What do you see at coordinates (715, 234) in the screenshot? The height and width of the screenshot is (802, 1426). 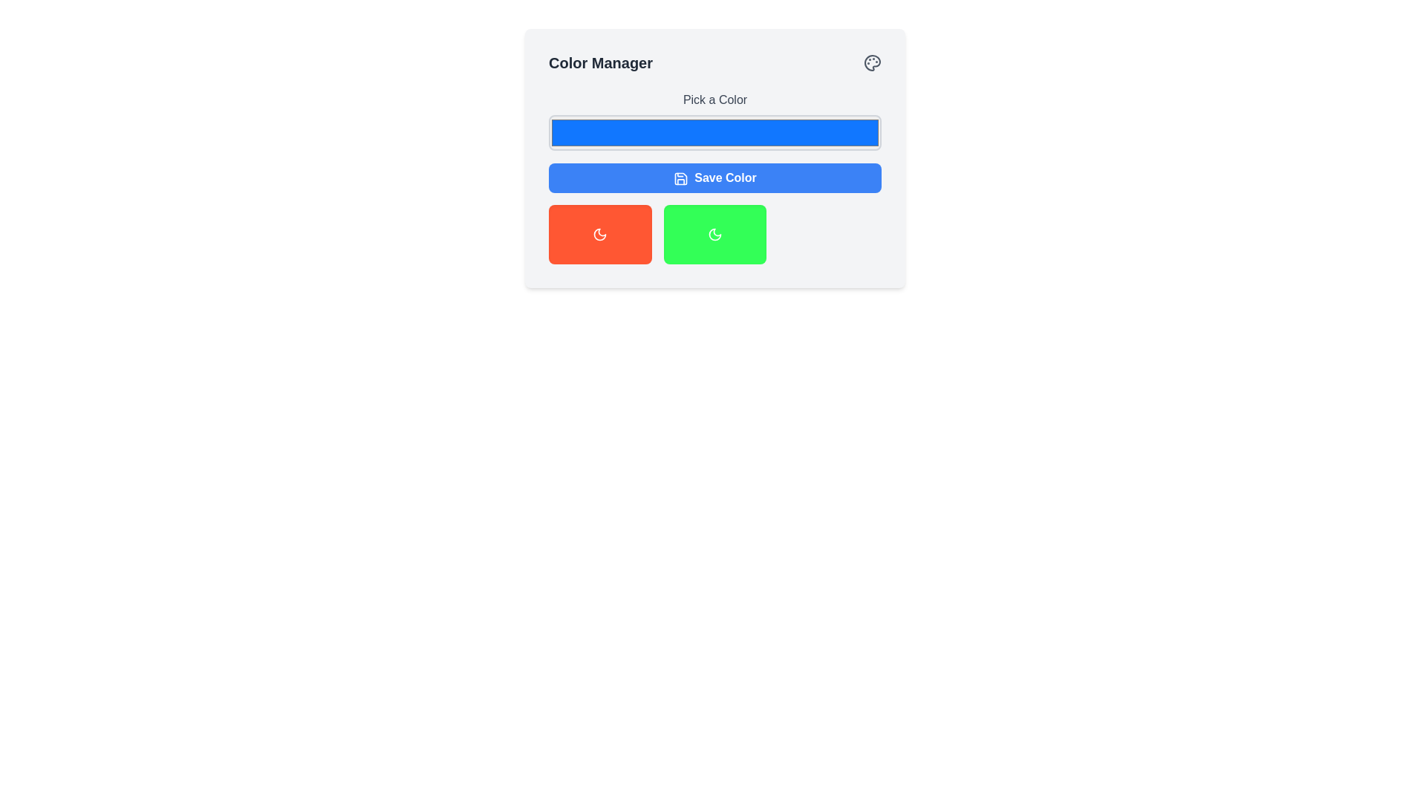 I see `the crescent moon icon with a white outline on a green background located at the bottom-right of the interface` at bounding box center [715, 234].